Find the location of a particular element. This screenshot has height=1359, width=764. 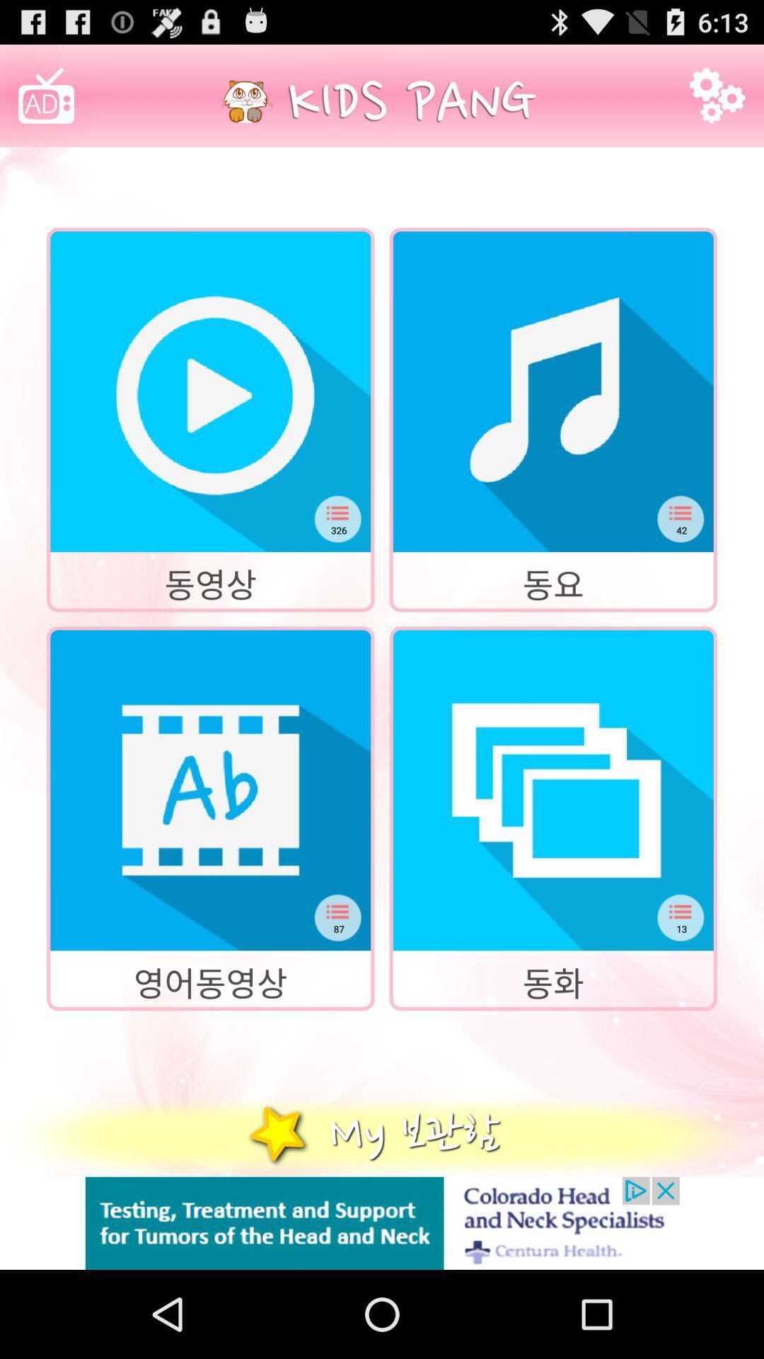

the cat image which is to the left of kids pang is located at coordinates (246, 101).